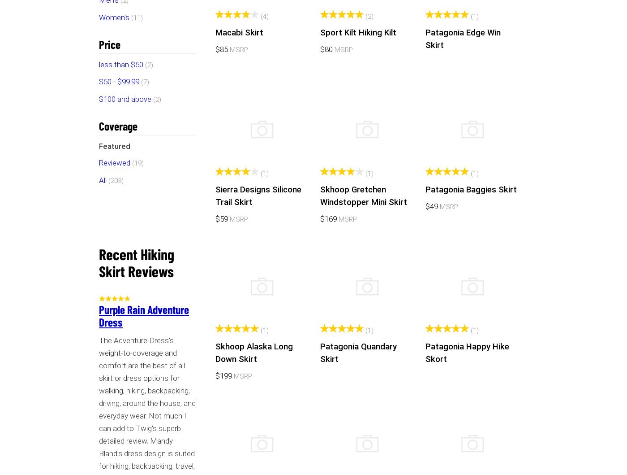  I want to click on 'Purple Rain Adventure Dress', so click(143, 315).